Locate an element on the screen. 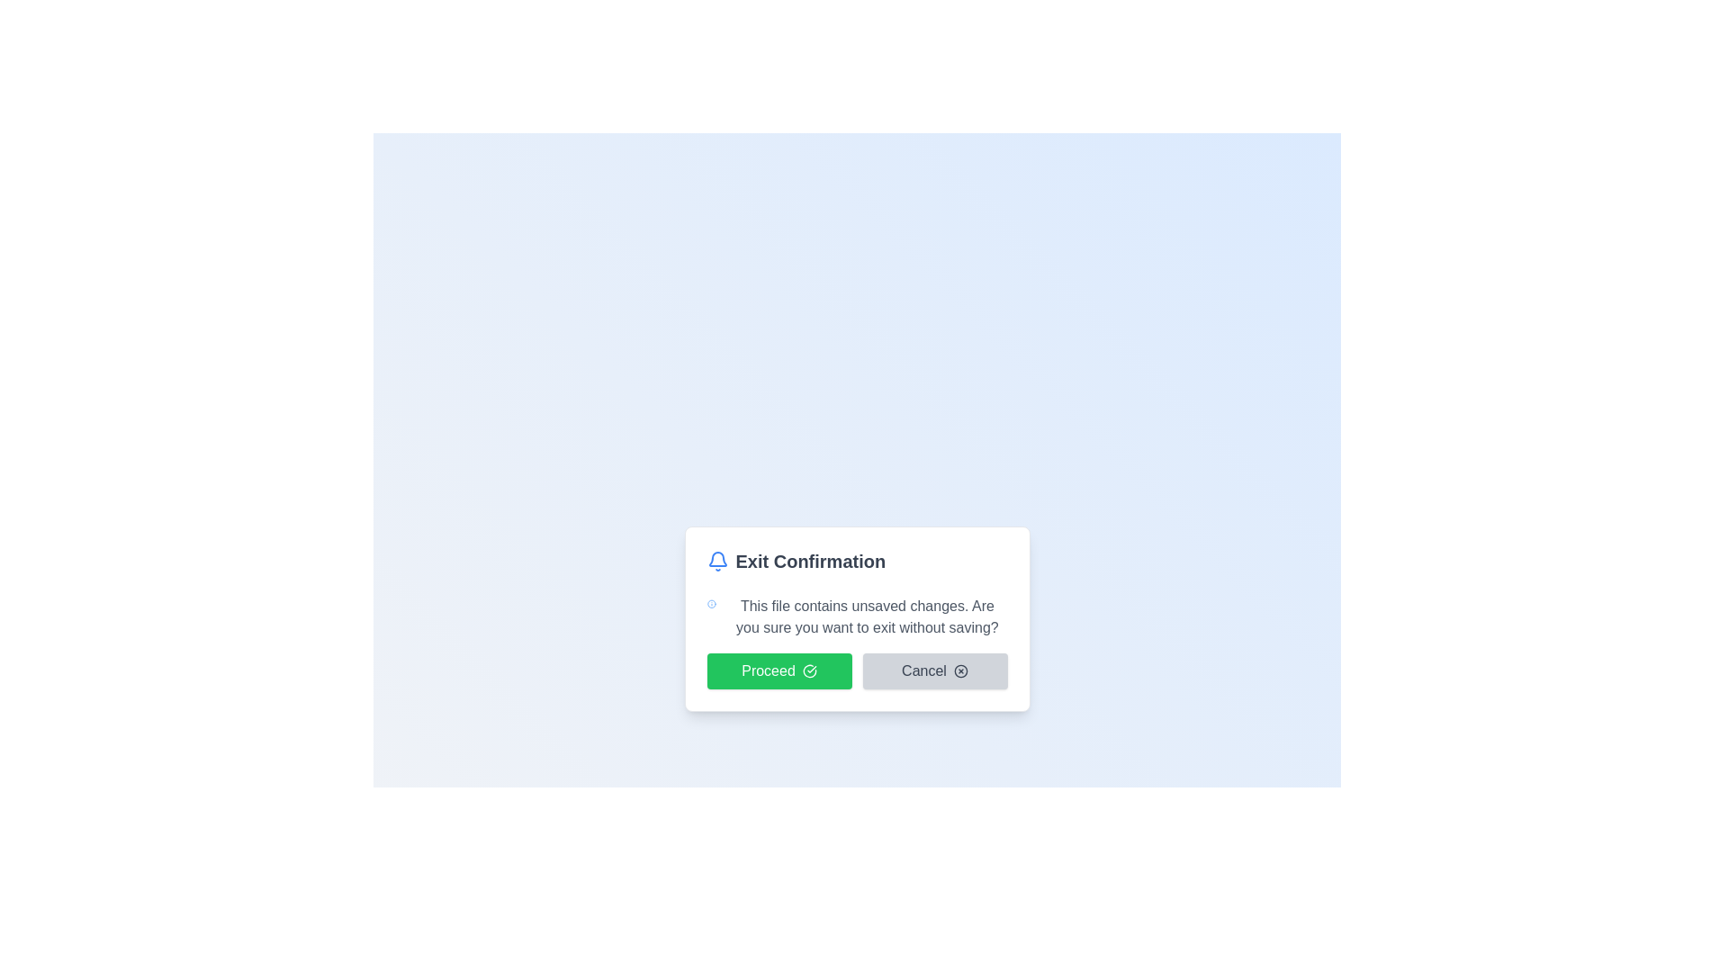  the blue bell-shaped icon located to the left of the 'Exit Confirmation' text in the dialog box is located at coordinates (716, 561).